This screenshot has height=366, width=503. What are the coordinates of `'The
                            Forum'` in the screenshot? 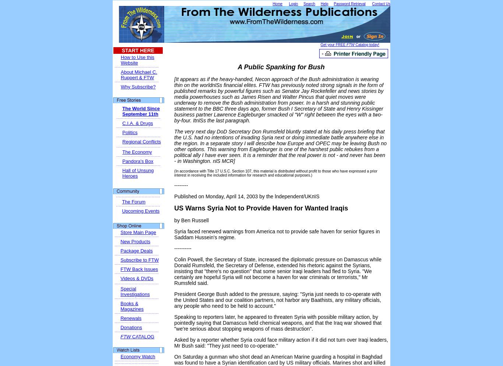 It's located at (122, 201).